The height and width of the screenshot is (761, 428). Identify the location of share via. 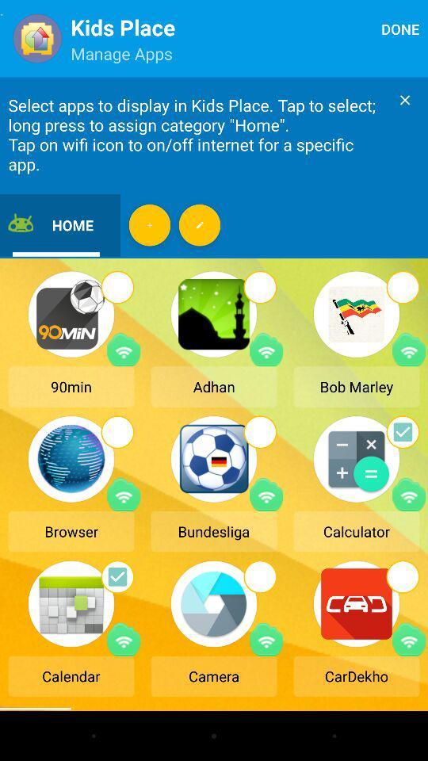
(123, 350).